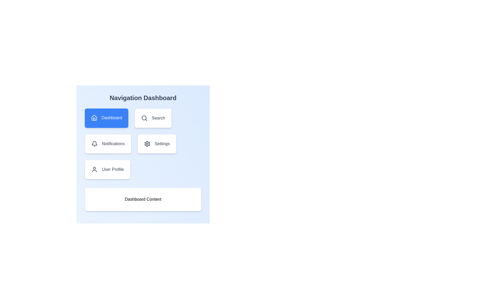 The image size is (504, 283). What do you see at coordinates (106, 118) in the screenshot?
I see `the navigation button located in the top-left quadrant of the interface` at bounding box center [106, 118].